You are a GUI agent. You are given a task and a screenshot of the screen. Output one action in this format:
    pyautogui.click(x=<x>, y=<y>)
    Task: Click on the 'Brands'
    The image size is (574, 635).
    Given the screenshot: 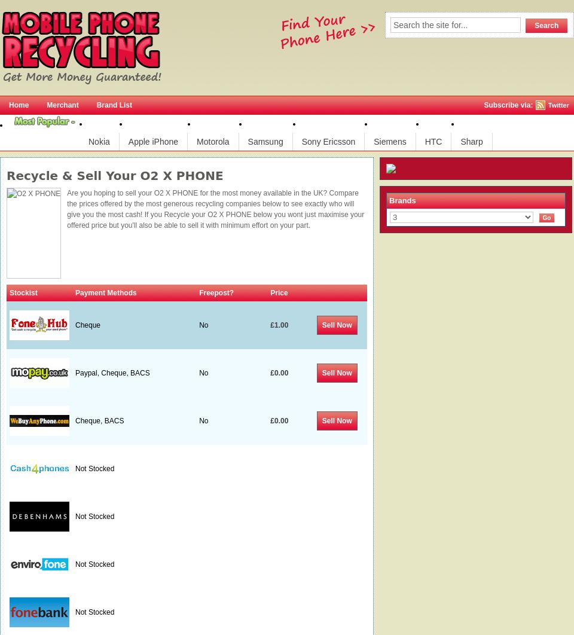 What is the action you would take?
    pyautogui.click(x=402, y=200)
    